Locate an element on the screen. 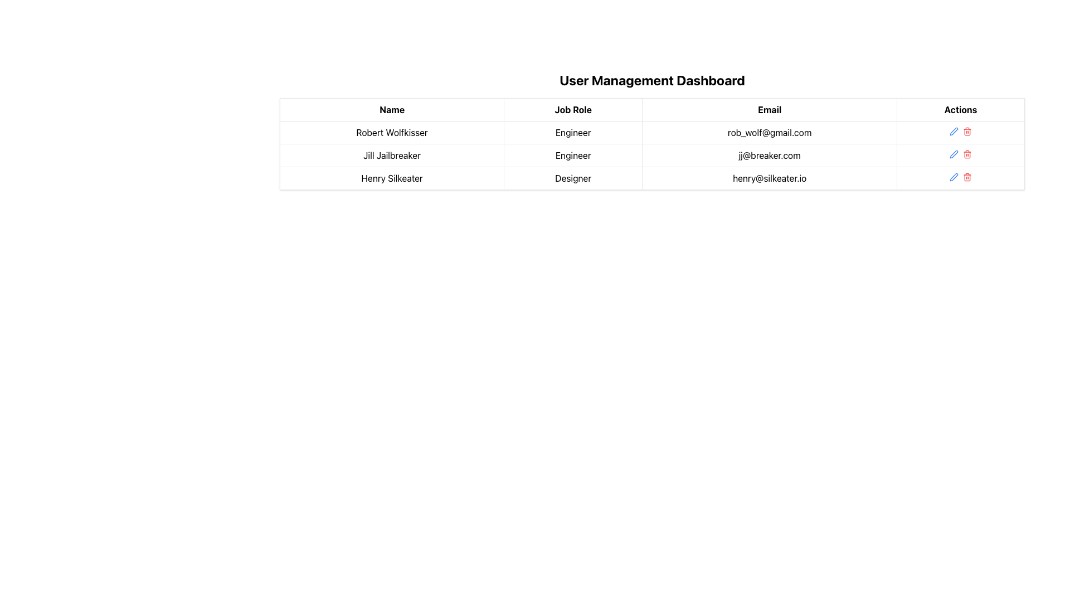 This screenshot has width=1070, height=602. the first row of the table displaying user information is located at coordinates (652, 132).